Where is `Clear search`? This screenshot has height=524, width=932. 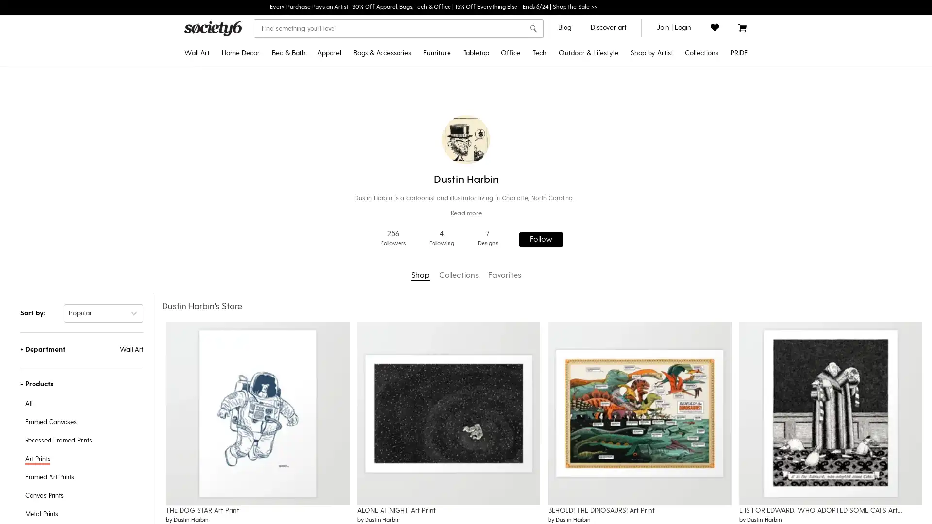
Clear search is located at coordinates (519, 28).